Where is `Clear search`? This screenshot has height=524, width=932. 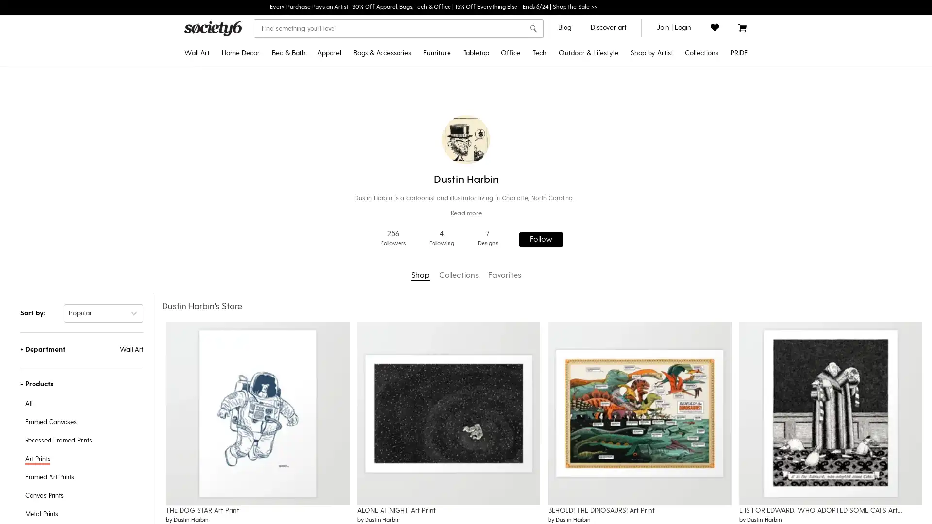
Clear search is located at coordinates (519, 28).